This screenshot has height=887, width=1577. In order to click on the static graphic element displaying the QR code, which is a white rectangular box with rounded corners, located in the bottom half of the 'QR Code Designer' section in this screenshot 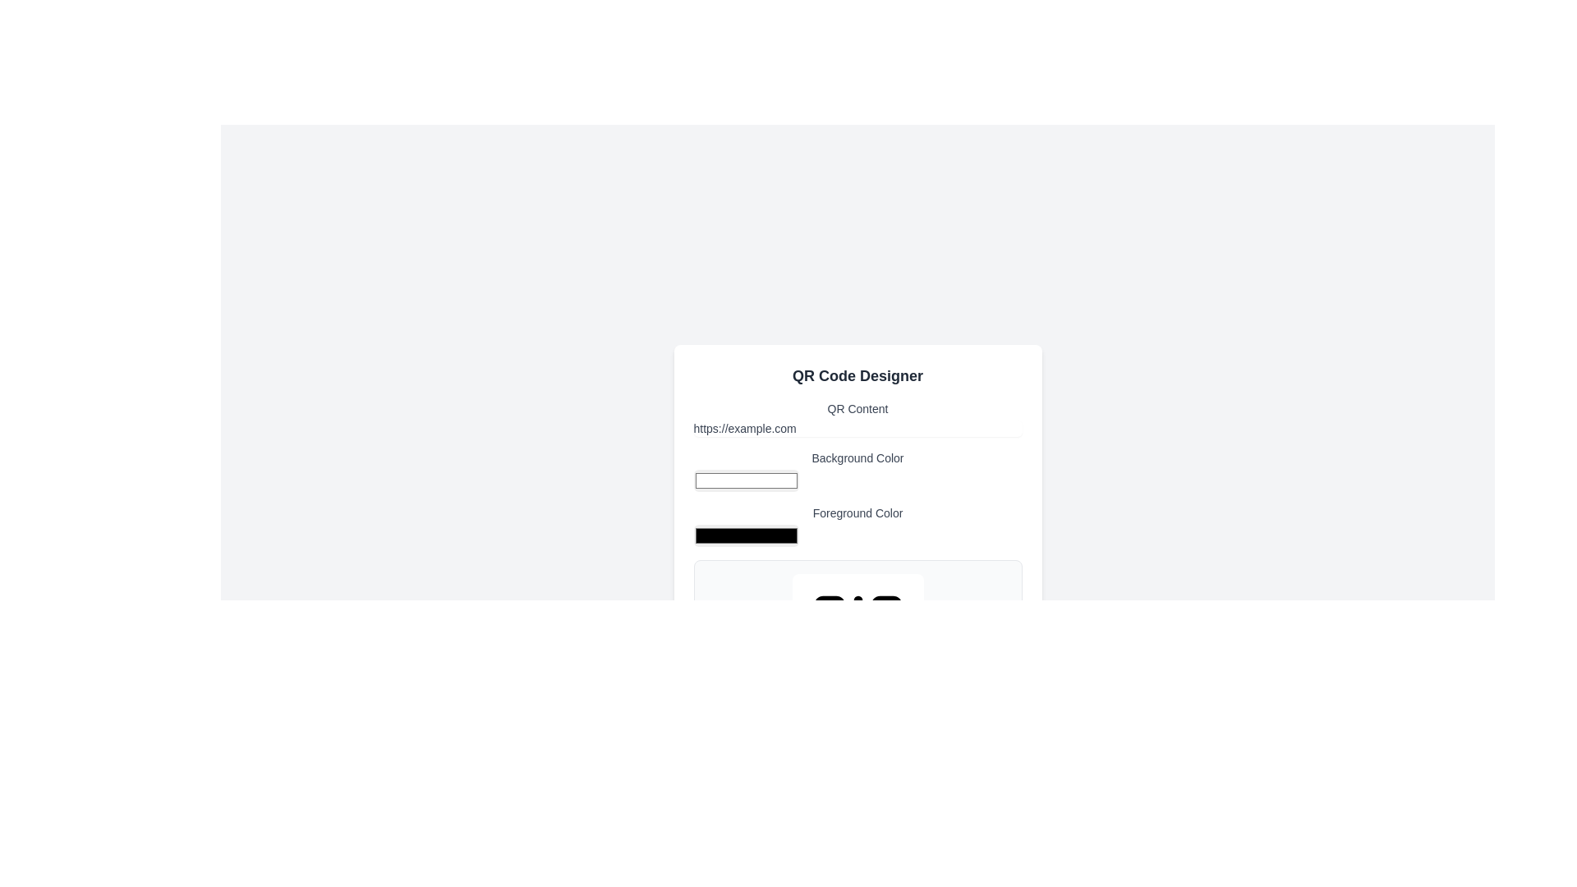, I will do `click(857, 639)`.